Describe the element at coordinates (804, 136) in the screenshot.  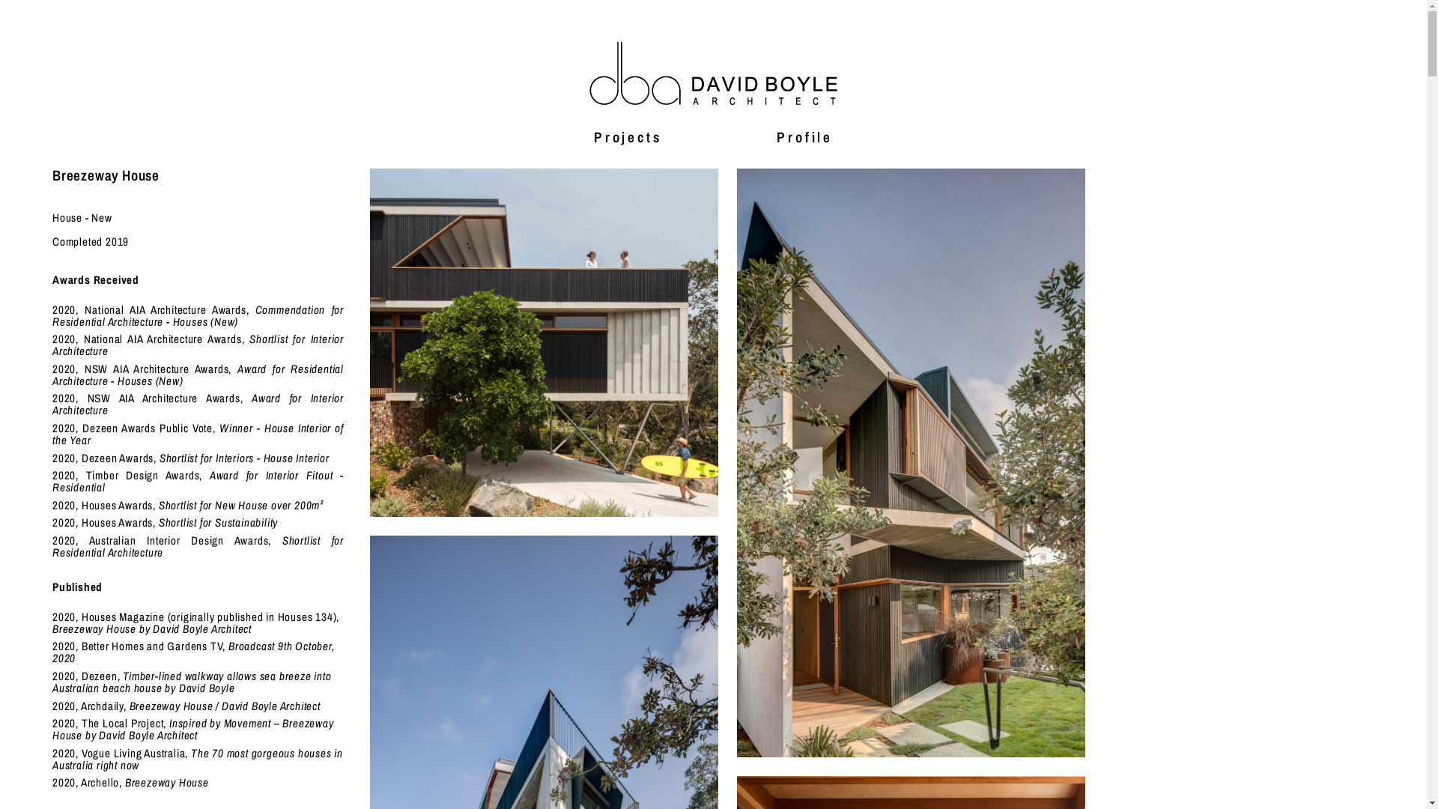
I see `'Profile'` at that location.